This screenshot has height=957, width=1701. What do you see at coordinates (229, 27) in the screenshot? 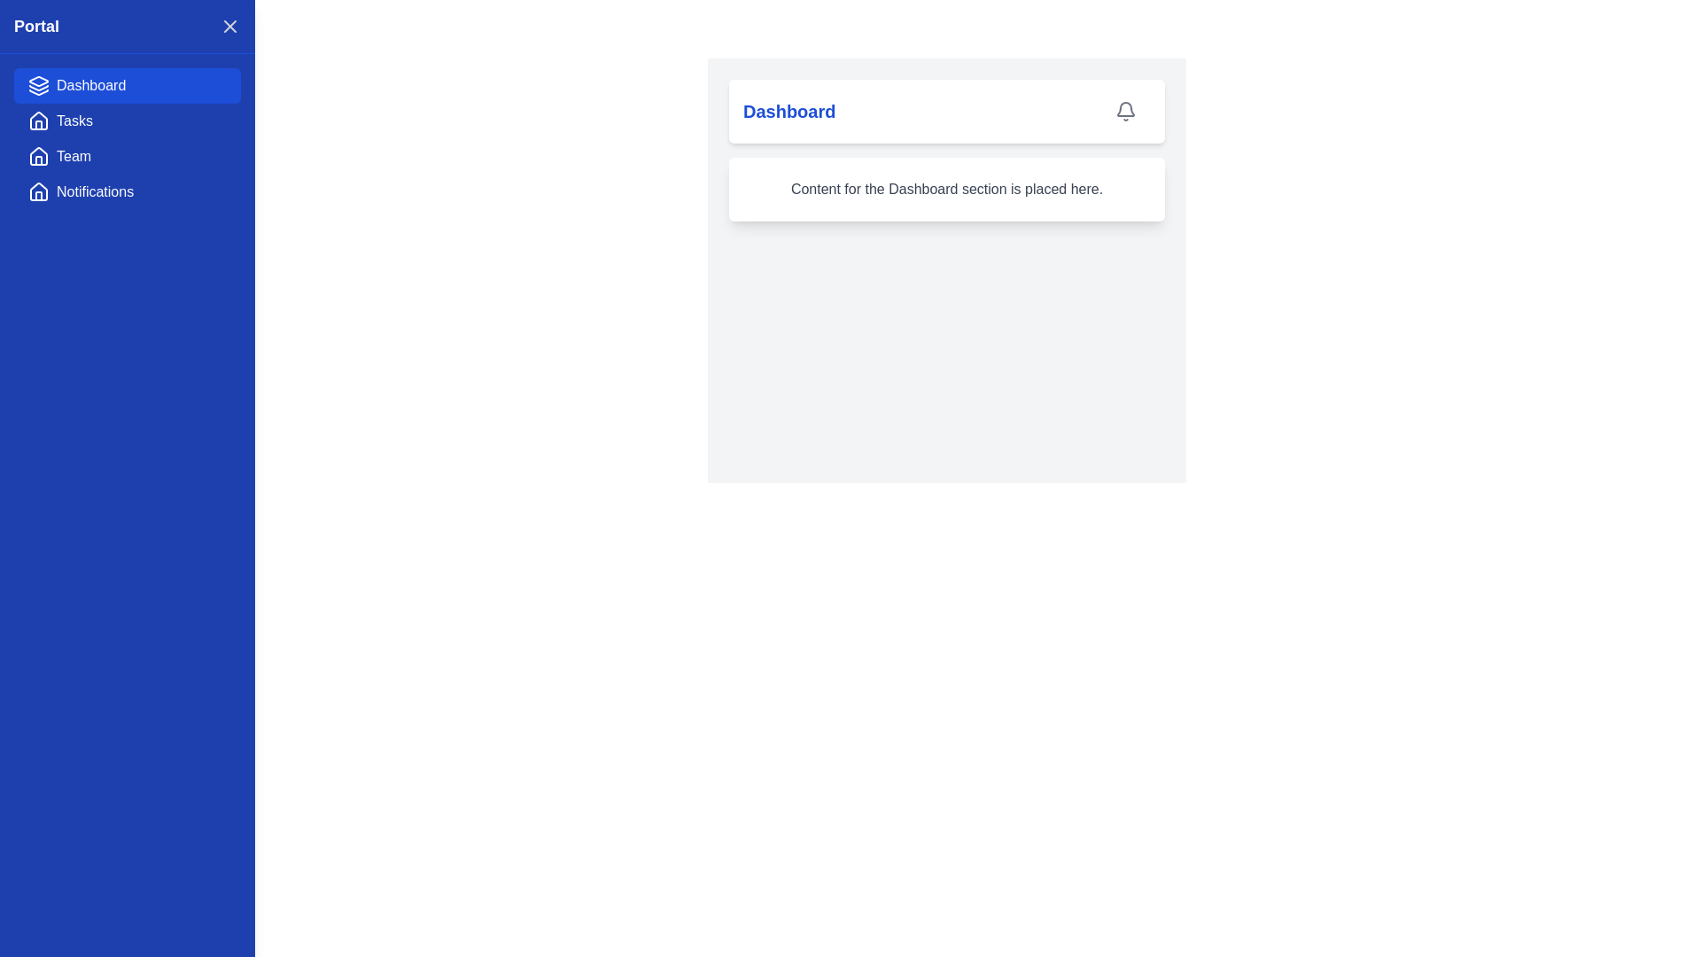
I see `the close icon (X) in the top-right corner of the sidebar header` at bounding box center [229, 27].